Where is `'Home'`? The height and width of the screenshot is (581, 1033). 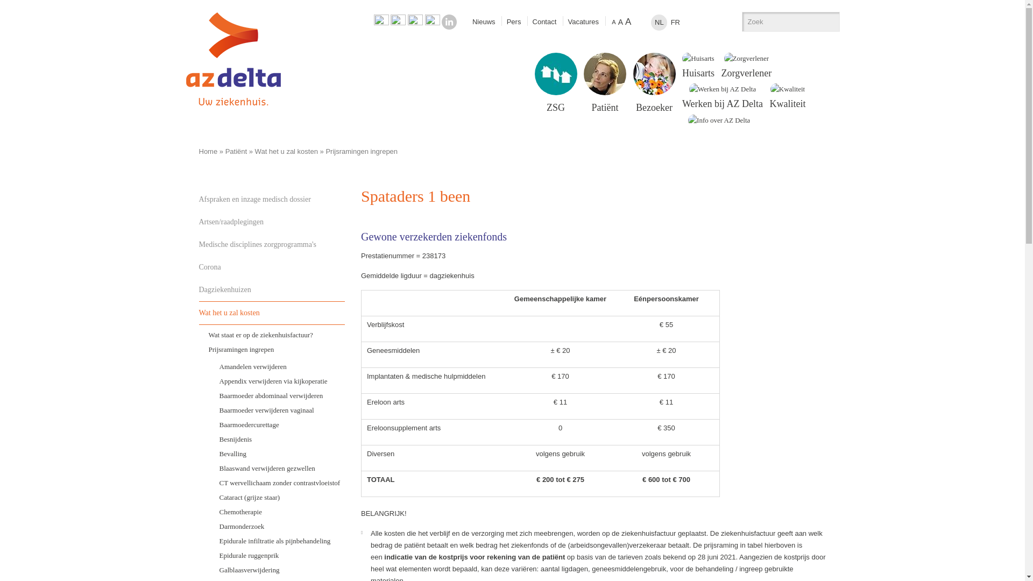
'Home' is located at coordinates (208, 151).